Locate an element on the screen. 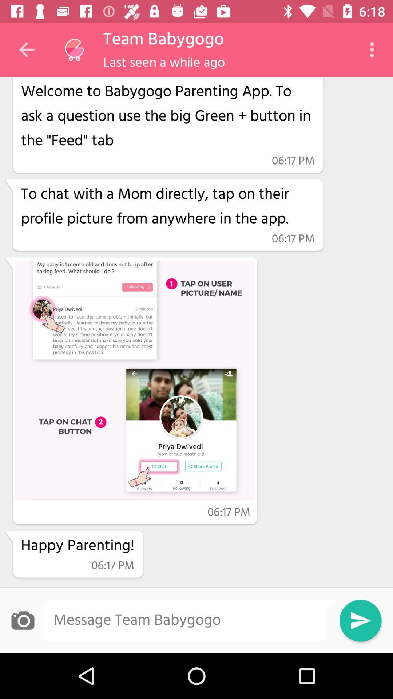 This screenshot has height=699, width=393. message send play button is located at coordinates (360, 620).